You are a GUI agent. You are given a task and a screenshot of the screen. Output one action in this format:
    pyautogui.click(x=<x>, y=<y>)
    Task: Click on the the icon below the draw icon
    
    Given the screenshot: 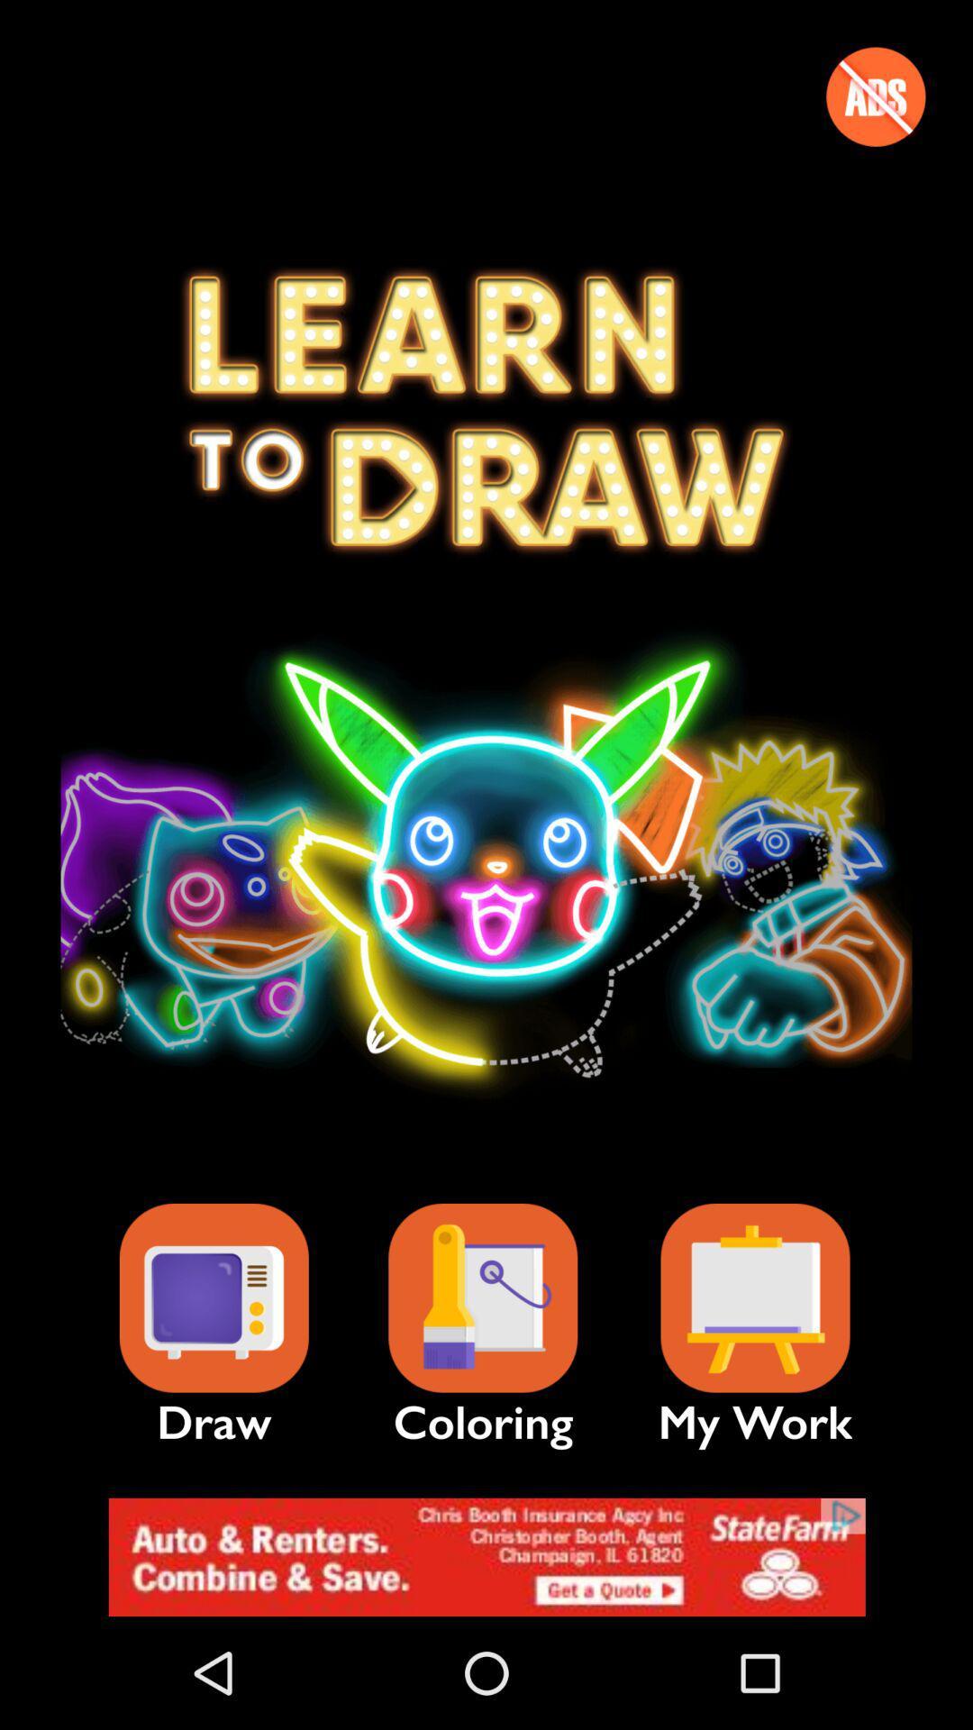 What is the action you would take?
    pyautogui.click(x=486, y=1556)
    